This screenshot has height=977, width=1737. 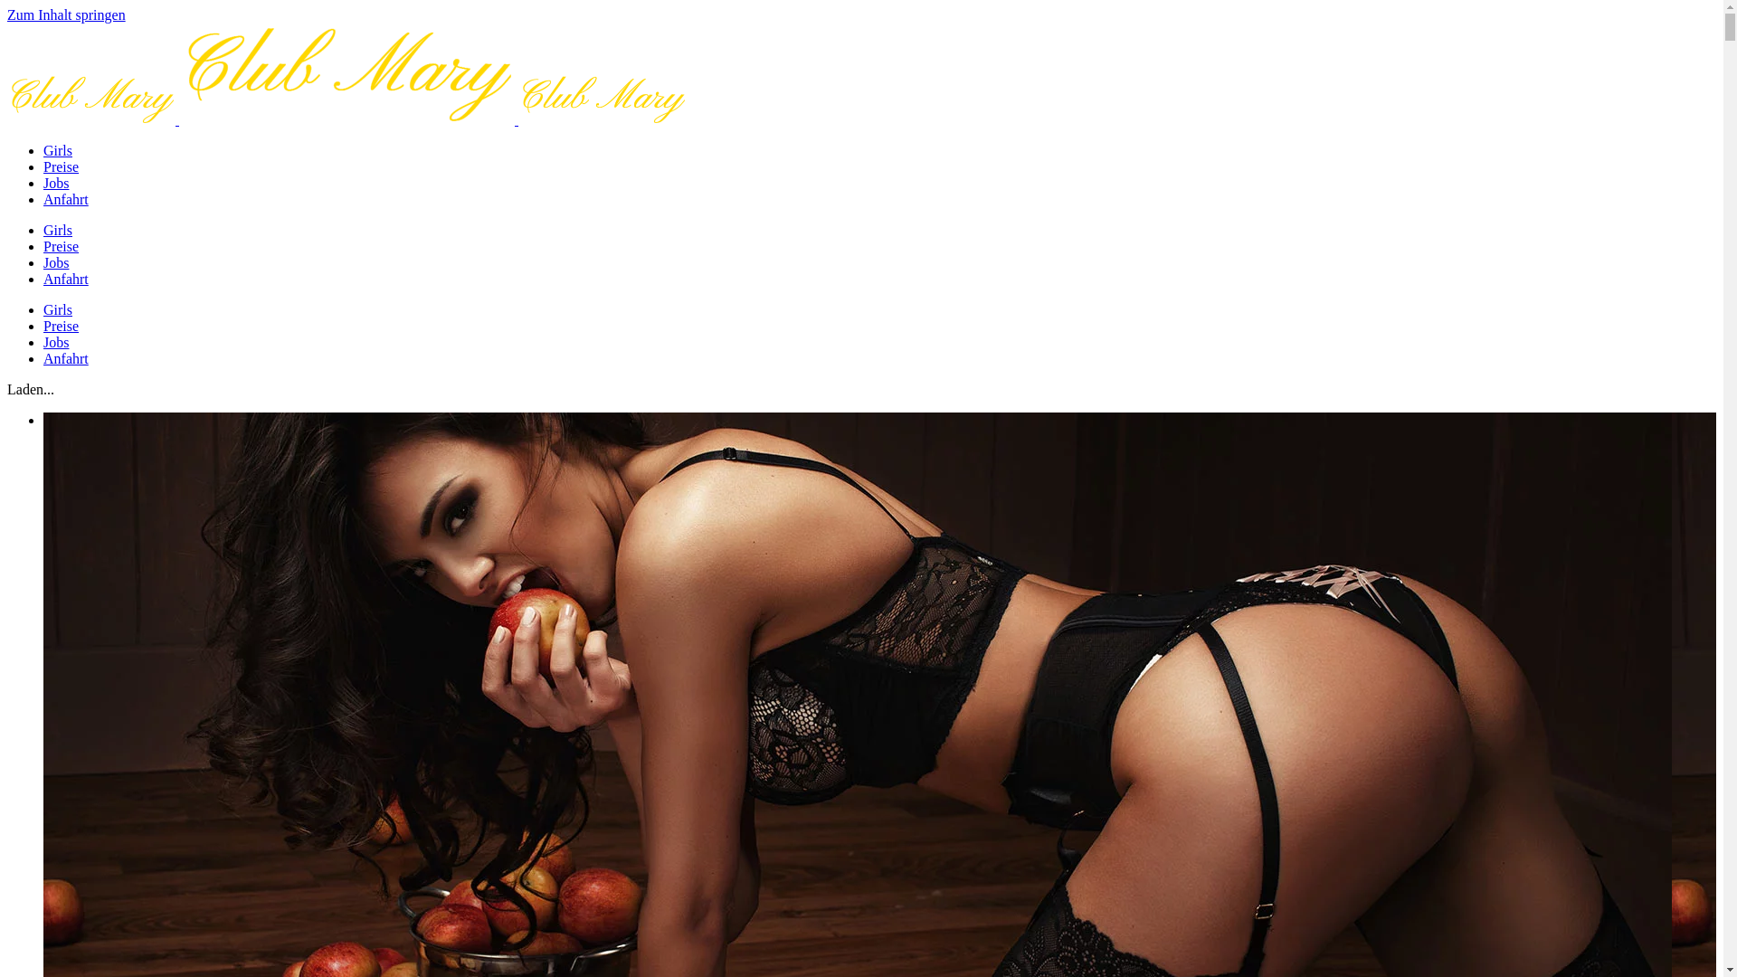 What do you see at coordinates (57, 229) in the screenshot?
I see `'Girls'` at bounding box center [57, 229].